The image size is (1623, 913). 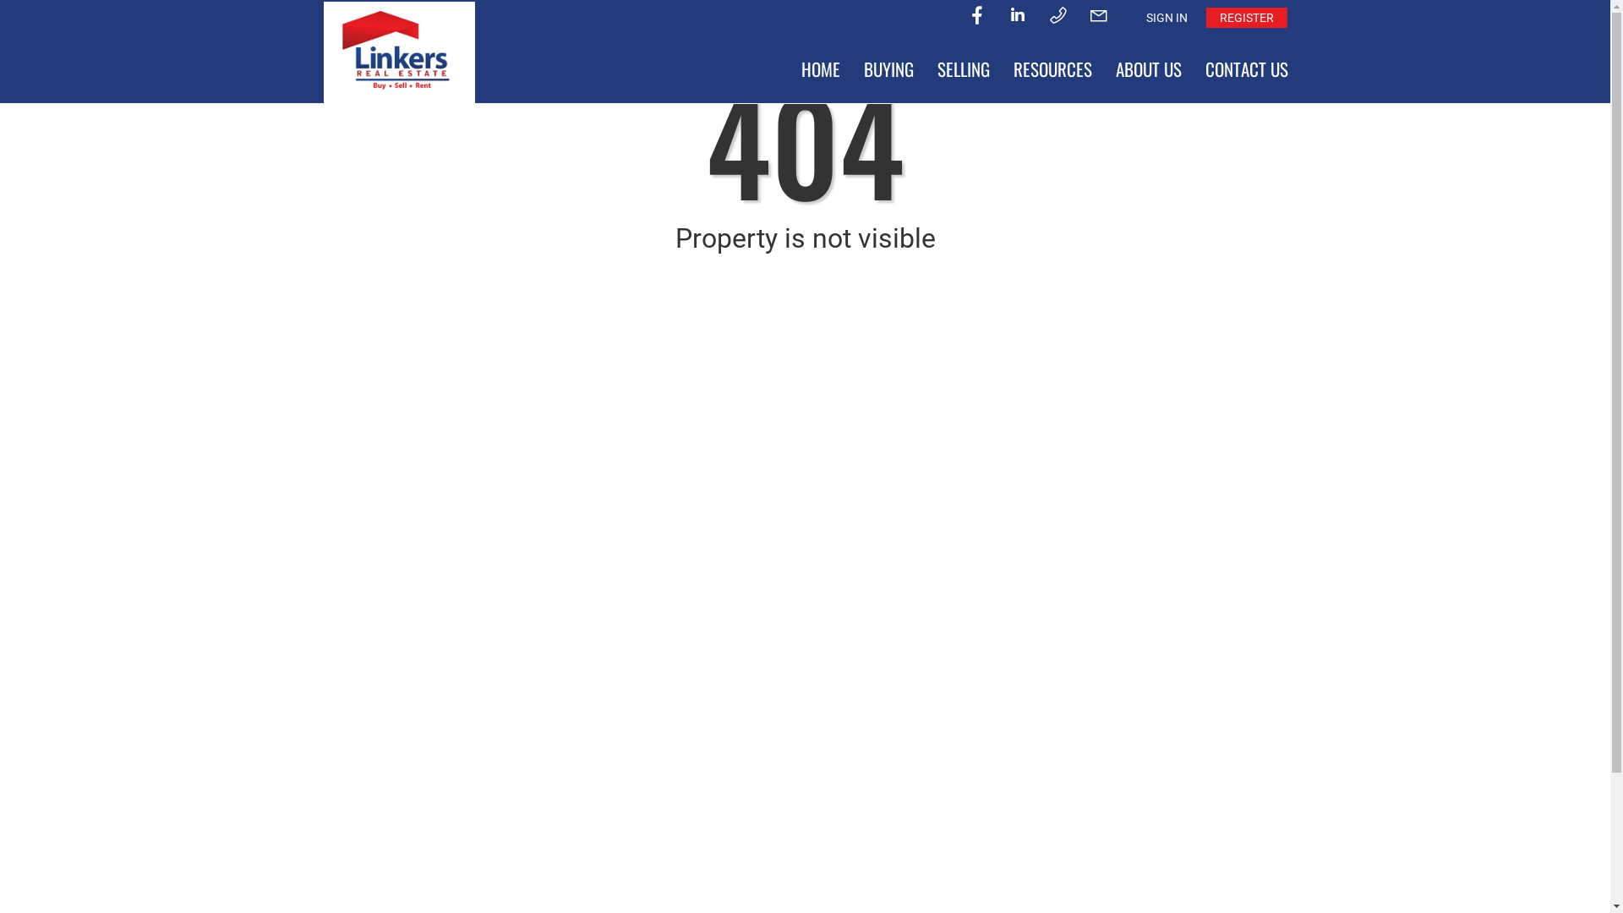 I want to click on 'SIGN IN', so click(x=1166, y=17).